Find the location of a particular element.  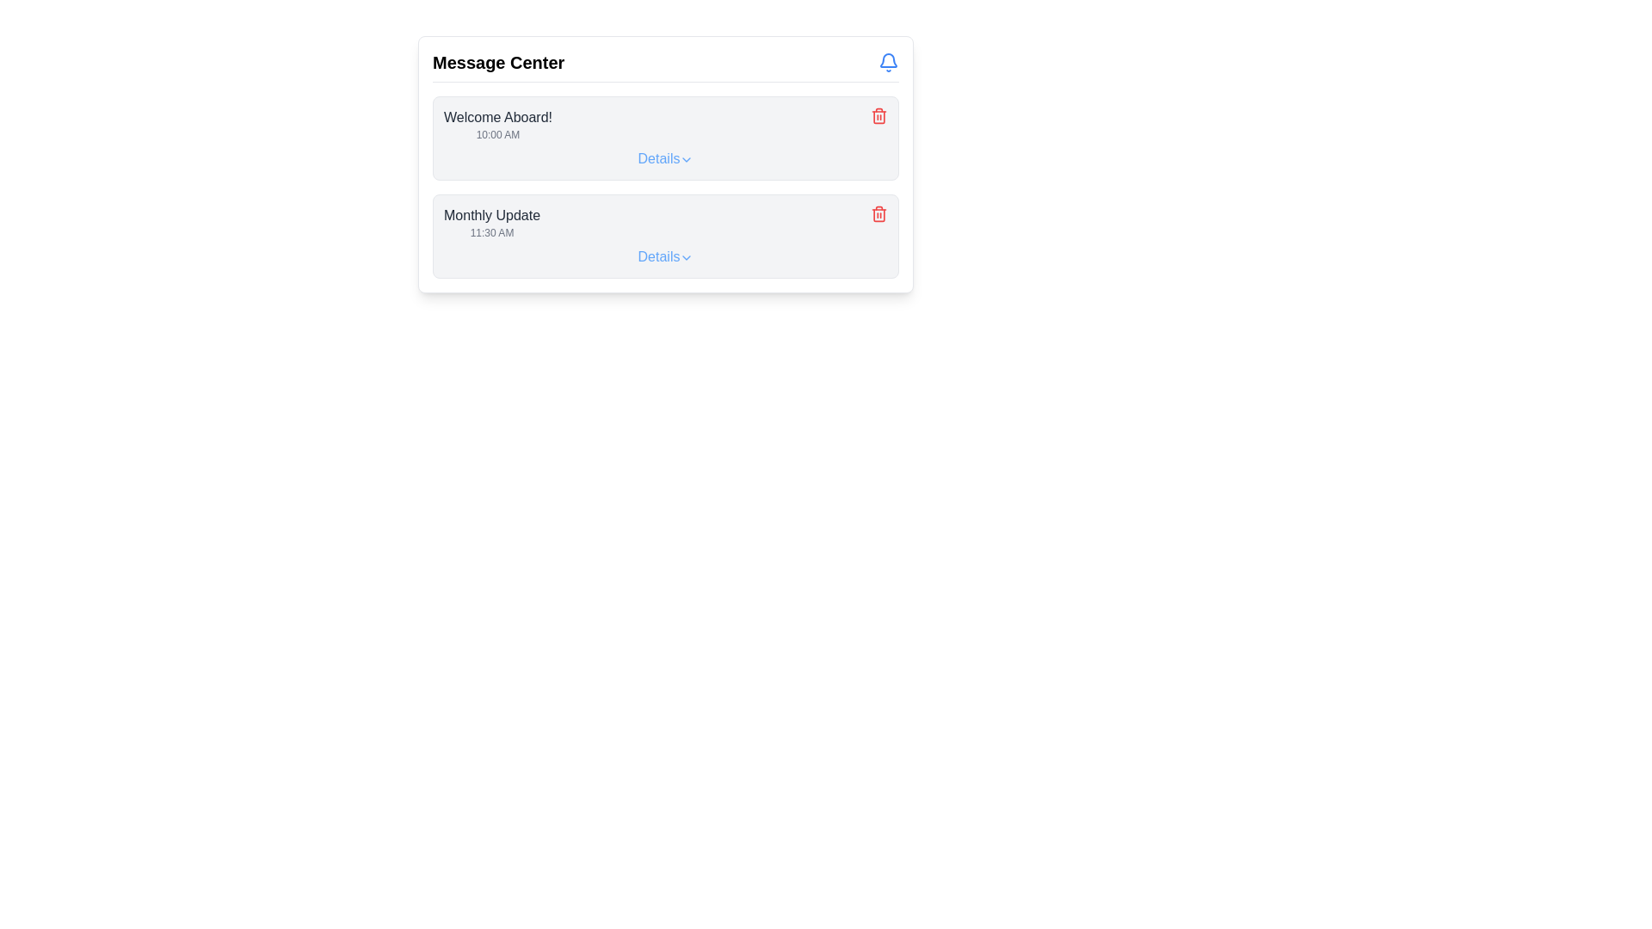

the 'Welcome Aboard!' text label, which is the first line in the message block within the 'Message Center' section is located at coordinates (497, 117).